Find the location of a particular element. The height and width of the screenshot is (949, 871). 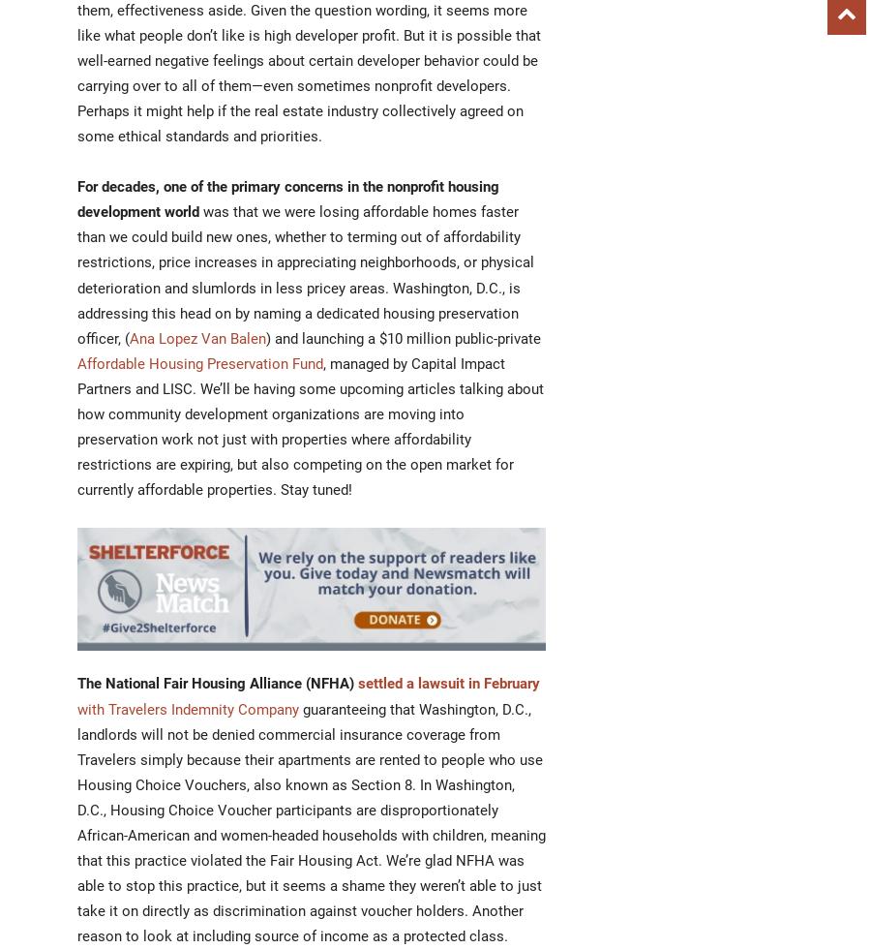

'$10 million public-private' is located at coordinates (379, 337).